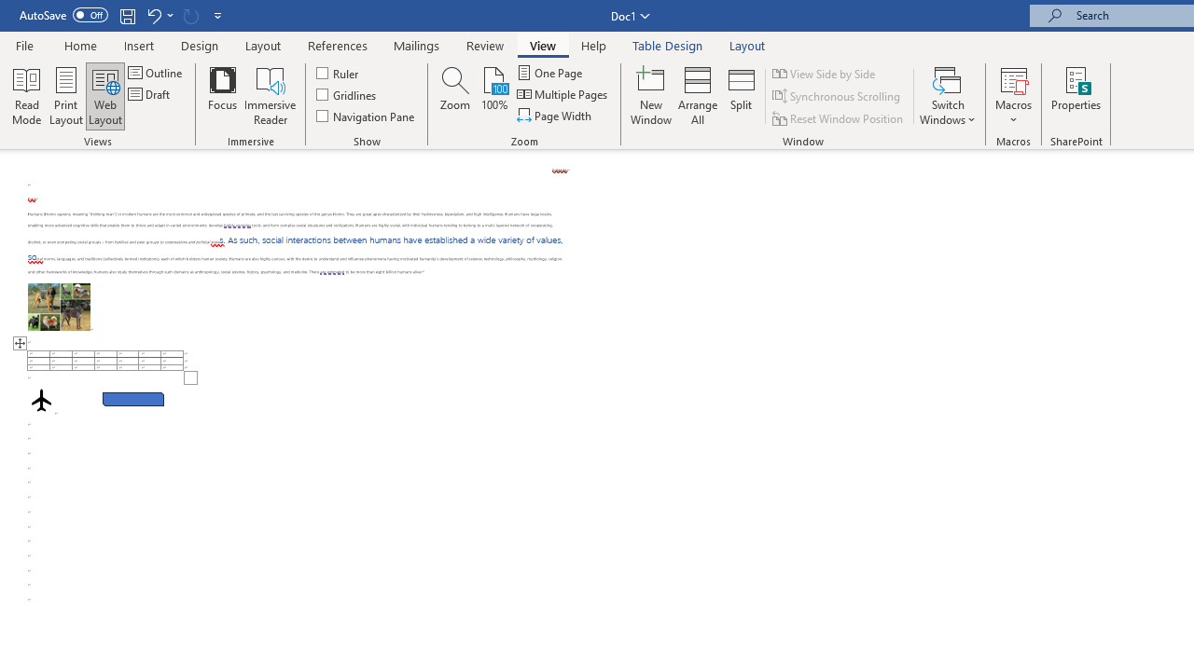  I want to click on 'Undo Row Height Spinner', so click(159, 15).